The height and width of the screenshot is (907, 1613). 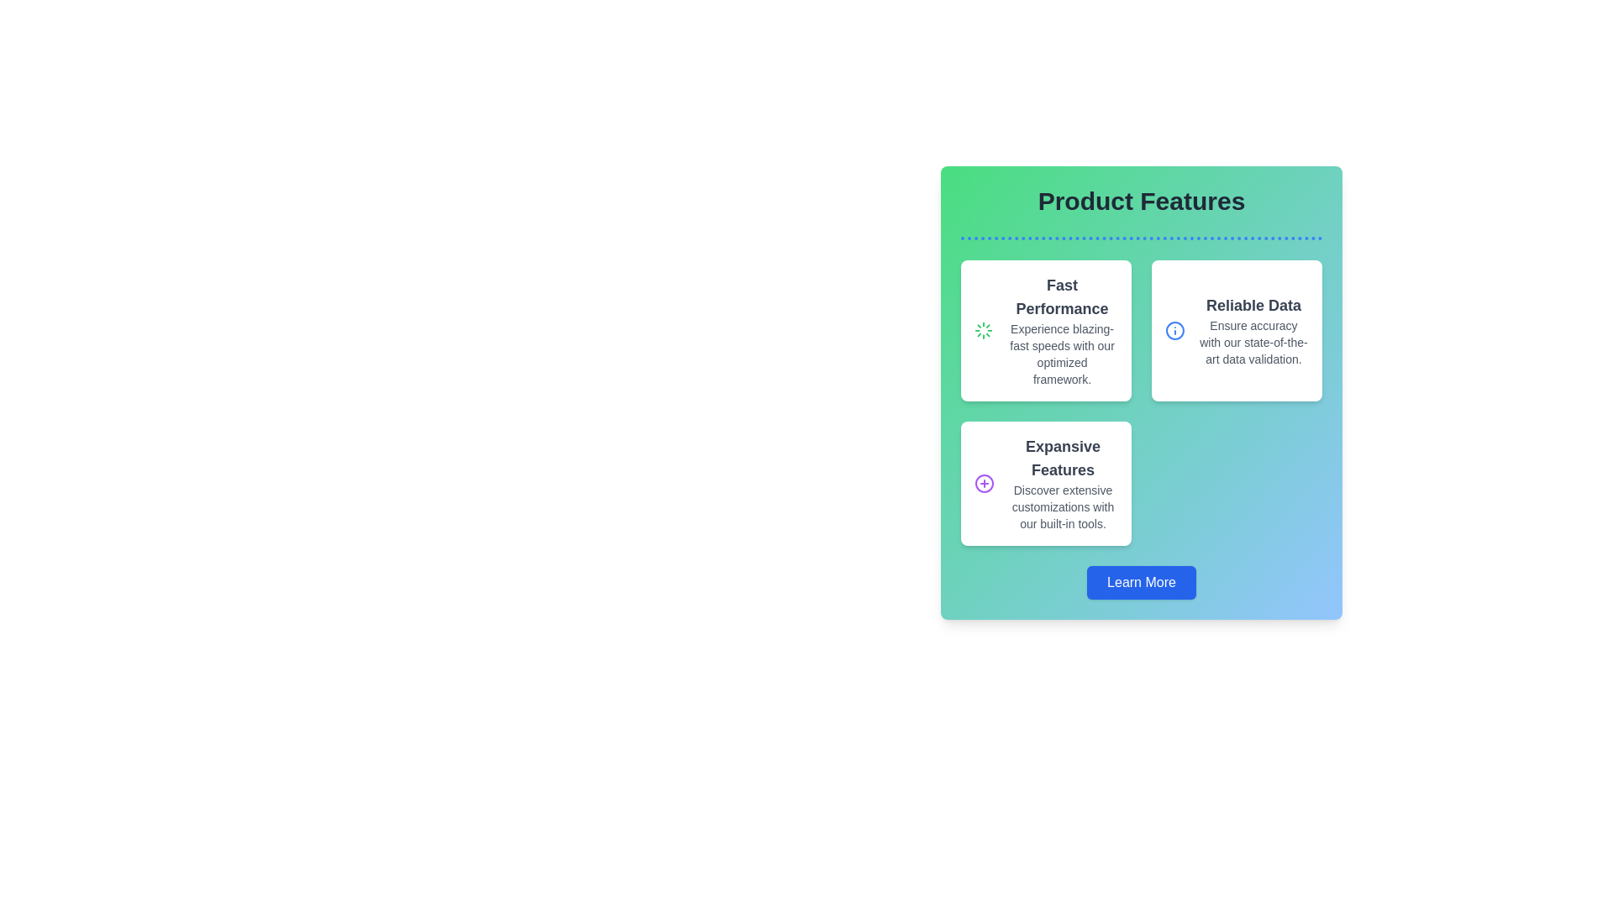 I want to click on the SVG graphic or icon that indicates performance within the 'Fast Performance' feature, located to the left side of the 'Fast Performance' card, so click(x=984, y=330).